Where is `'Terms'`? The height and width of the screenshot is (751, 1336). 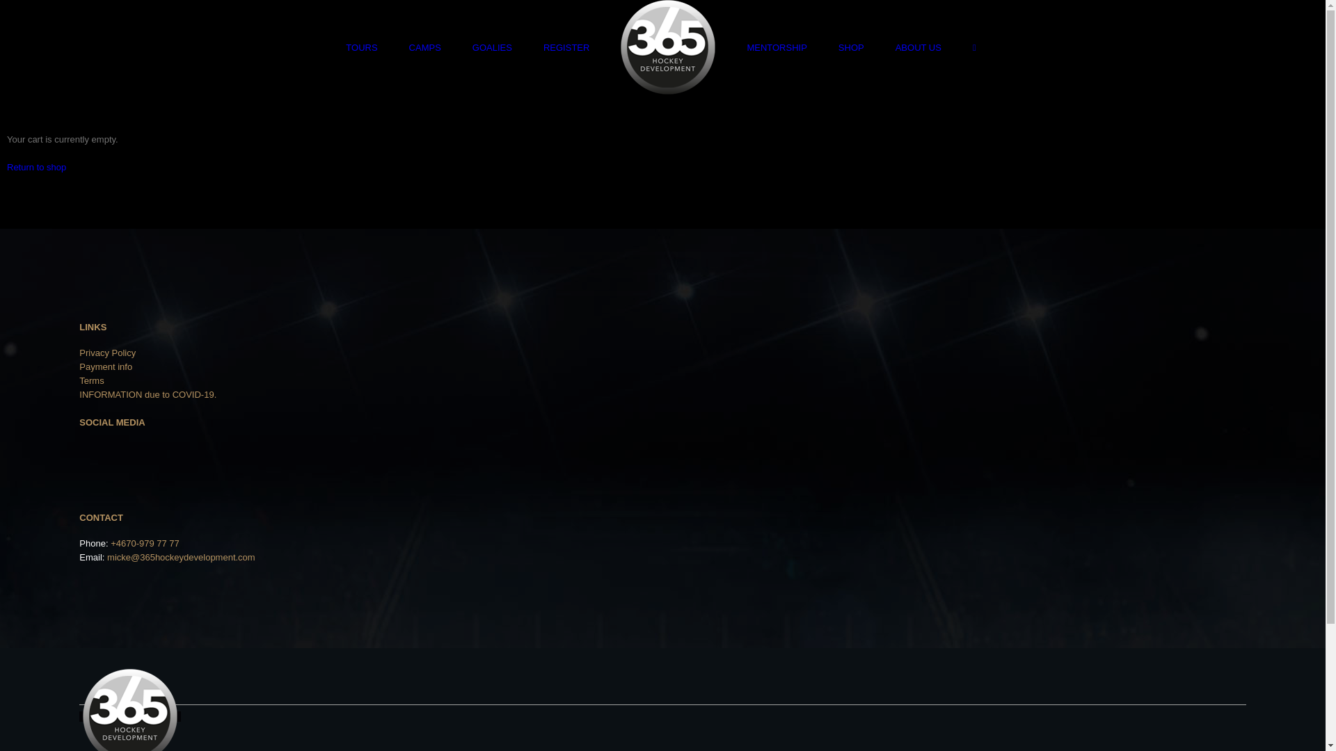 'Terms' is located at coordinates (79, 380).